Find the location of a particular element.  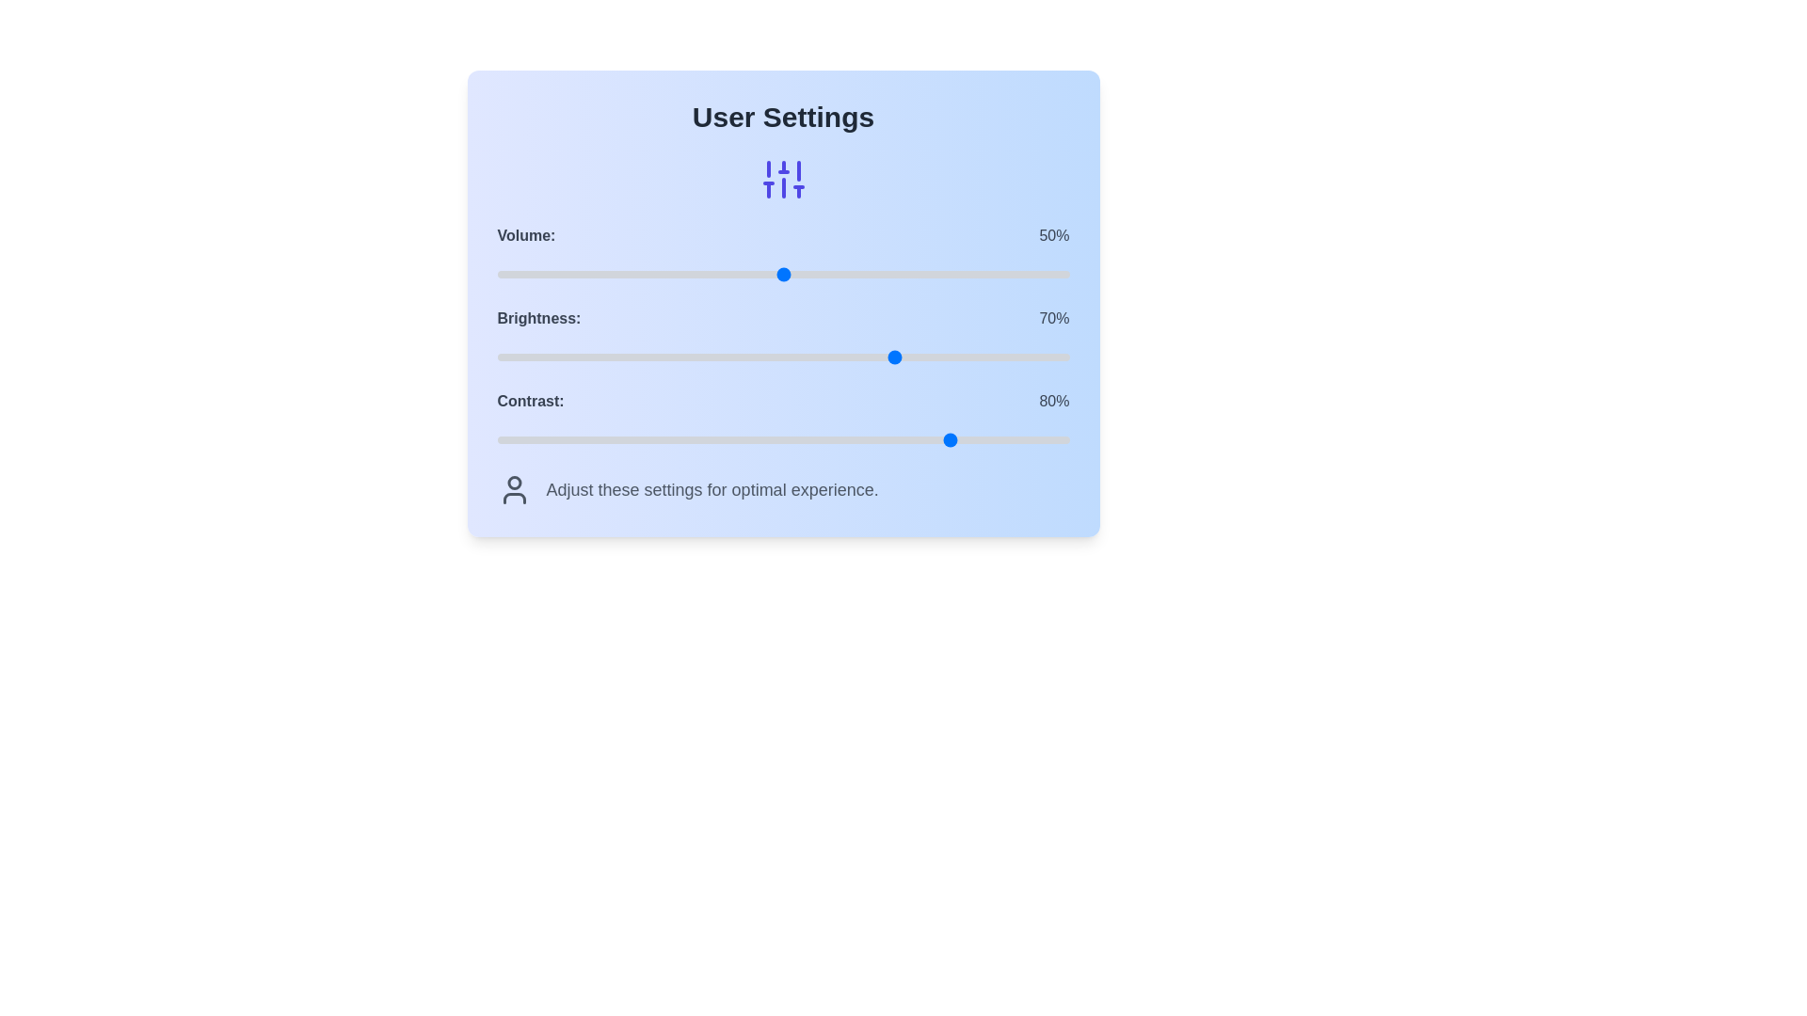

the contrast is located at coordinates (772, 439).